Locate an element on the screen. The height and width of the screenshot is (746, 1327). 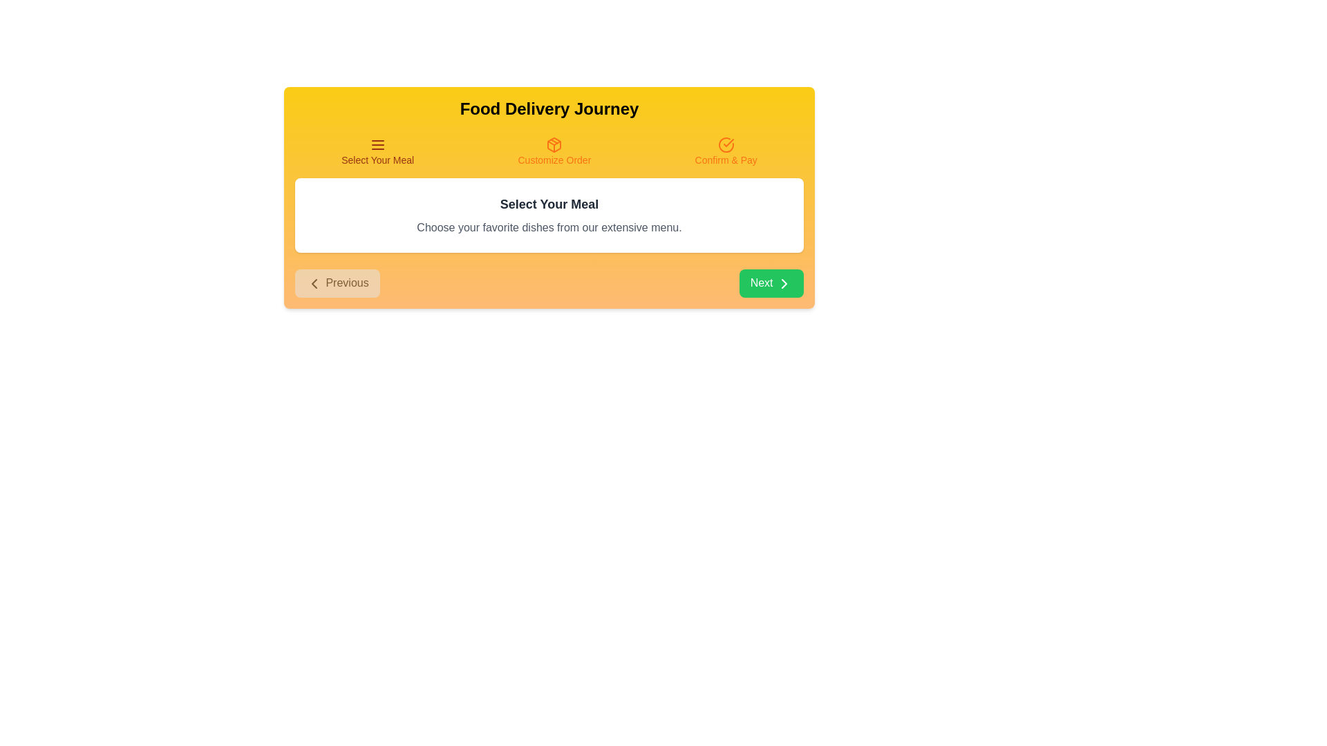
the Decorative Icon, which is a graphical checkmark icon located in the 'Confirm & Pay' section at the top of the page is located at coordinates (728, 143).